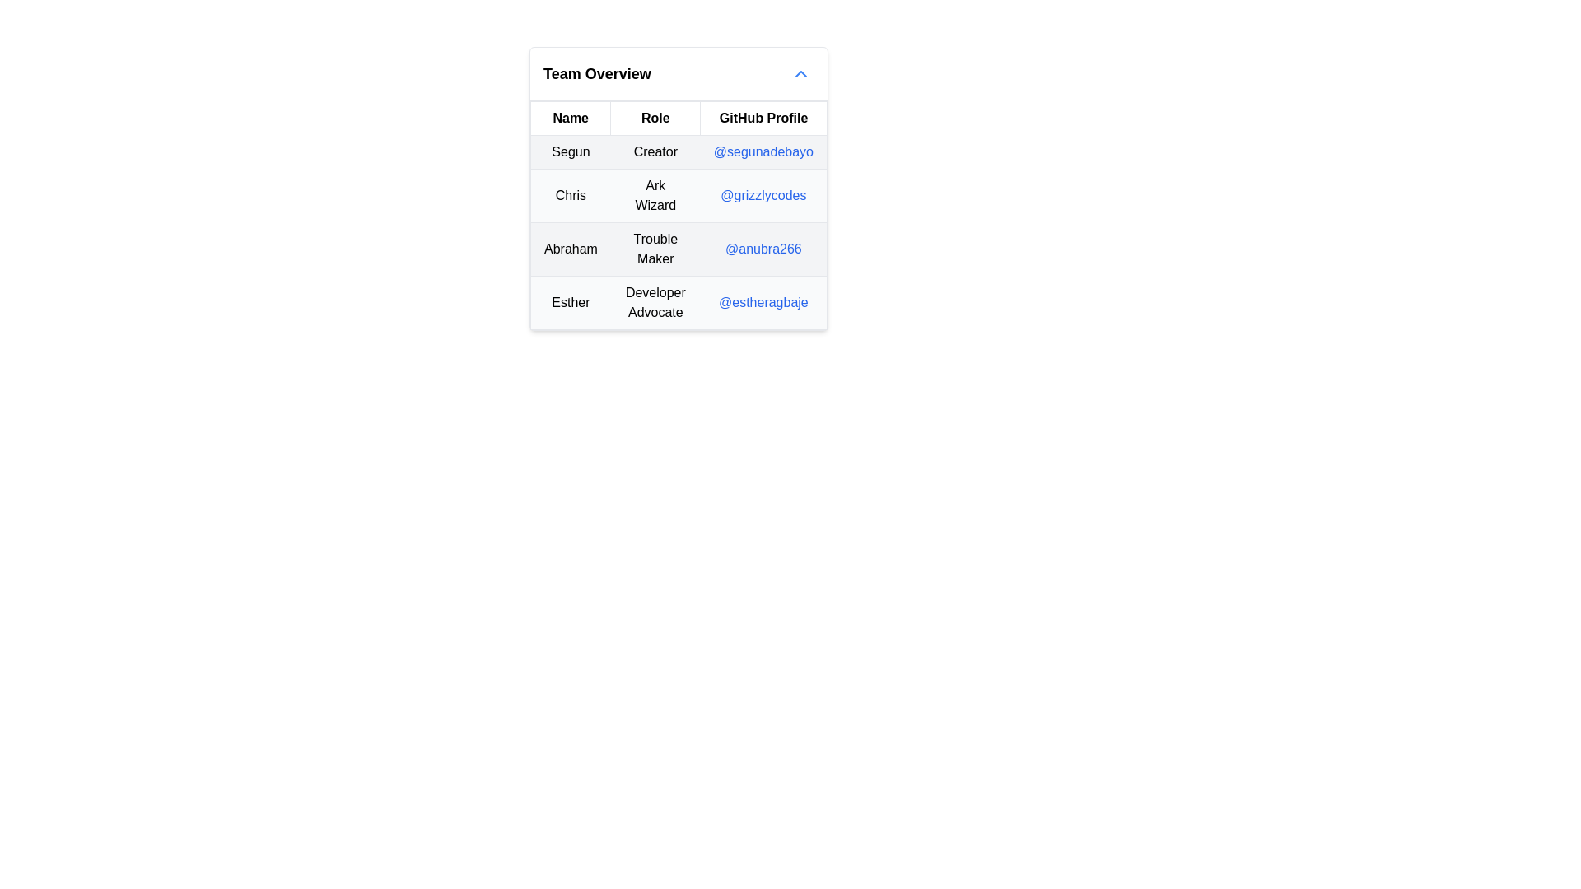  What do you see at coordinates (571, 117) in the screenshot?
I see `the first header cell in the 'Team Overview' table to access the associated column data` at bounding box center [571, 117].